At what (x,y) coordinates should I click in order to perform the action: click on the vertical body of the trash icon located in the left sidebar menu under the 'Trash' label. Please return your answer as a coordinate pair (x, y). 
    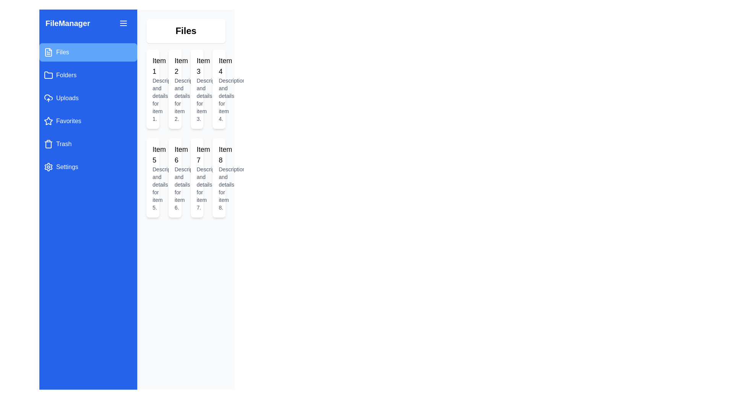
    Looking at the image, I should click on (48, 145).